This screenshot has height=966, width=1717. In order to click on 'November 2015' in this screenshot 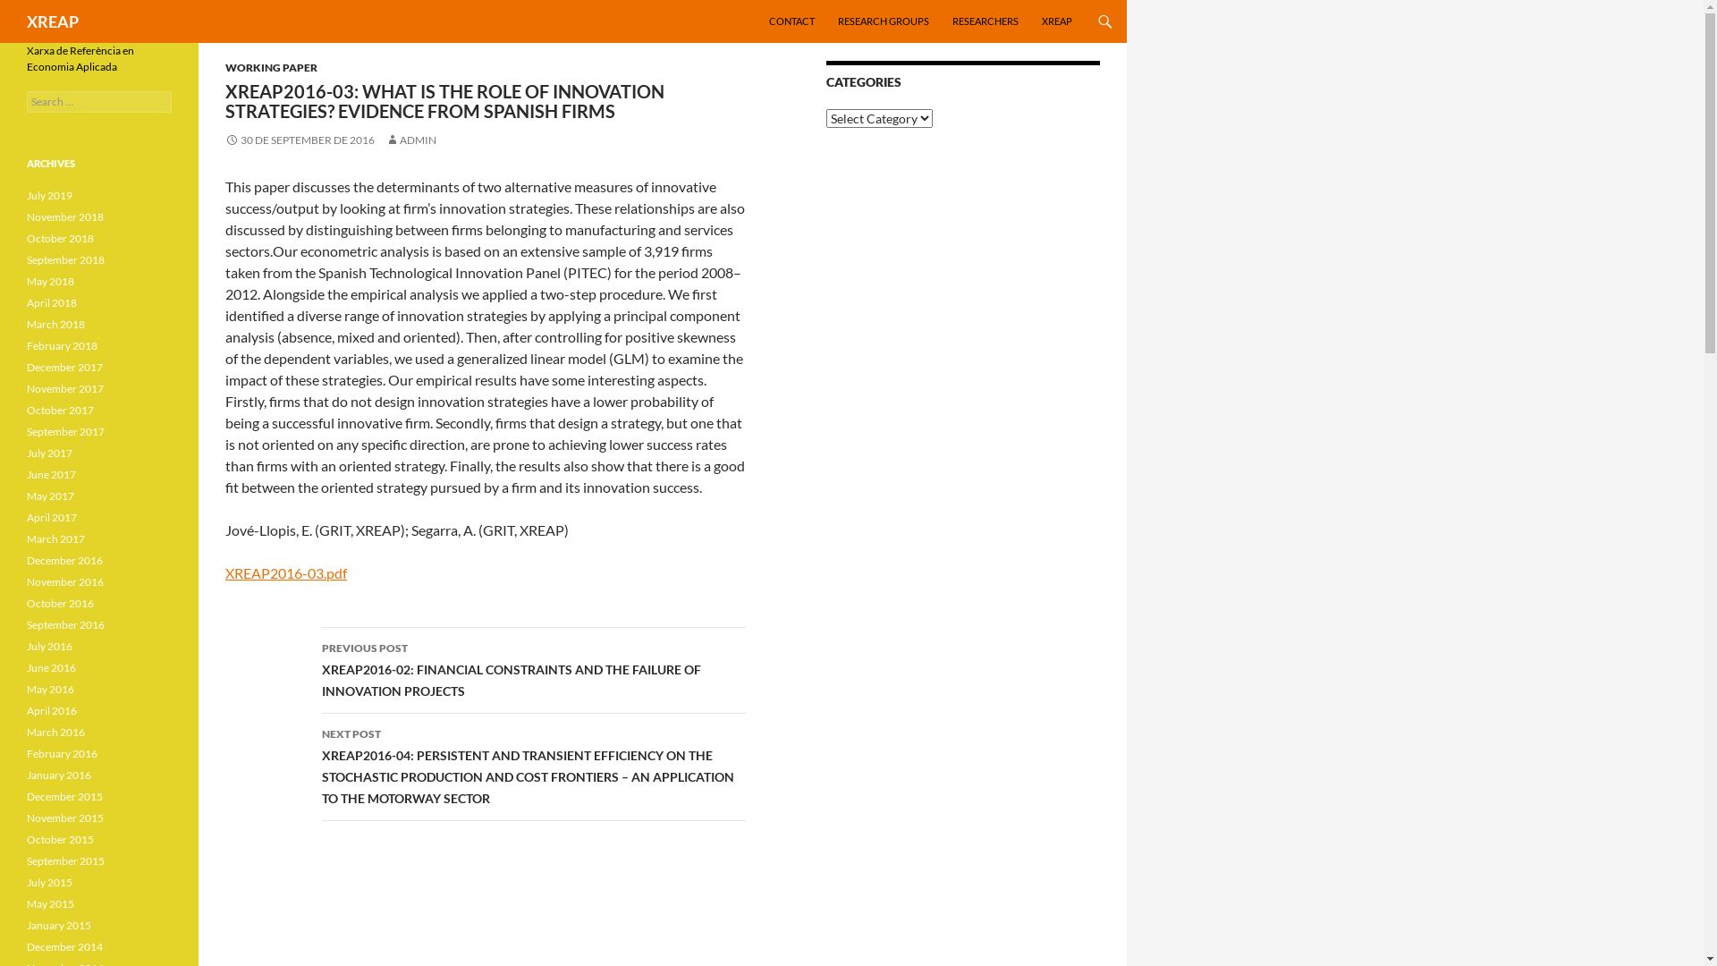, I will do `click(64, 818)`.